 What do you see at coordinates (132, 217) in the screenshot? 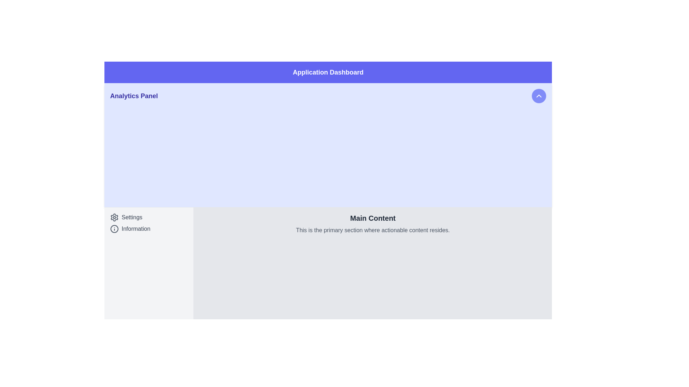
I see `text label displaying 'Settings' which is styled in gray and located in the lower left section of the interface, next to a gear-shaped icon` at bounding box center [132, 217].